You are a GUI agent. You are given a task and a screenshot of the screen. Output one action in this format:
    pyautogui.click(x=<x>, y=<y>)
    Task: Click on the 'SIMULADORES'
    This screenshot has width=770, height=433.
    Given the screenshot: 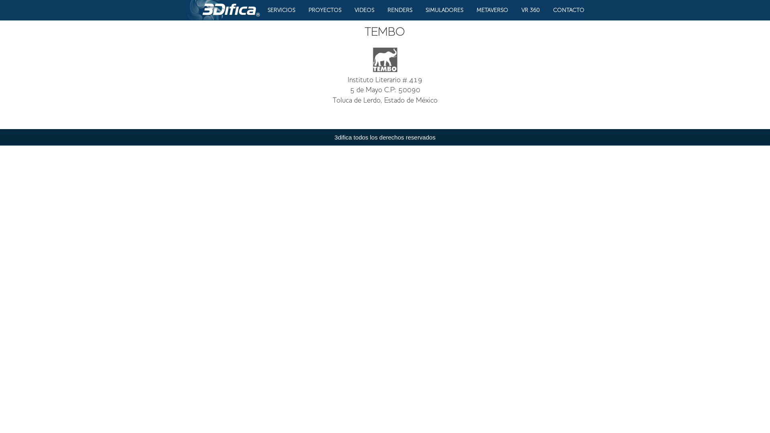 What is the action you would take?
    pyautogui.click(x=444, y=10)
    